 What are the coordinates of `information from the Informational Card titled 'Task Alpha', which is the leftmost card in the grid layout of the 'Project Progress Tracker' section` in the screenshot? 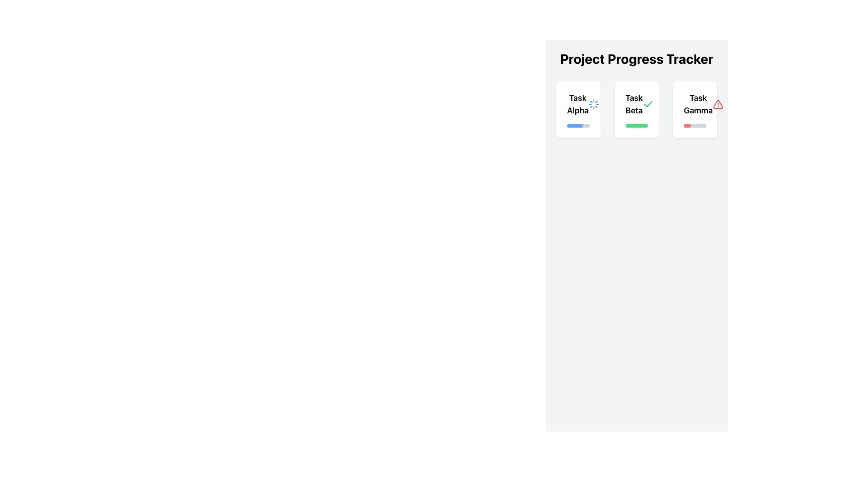 It's located at (578, 109).